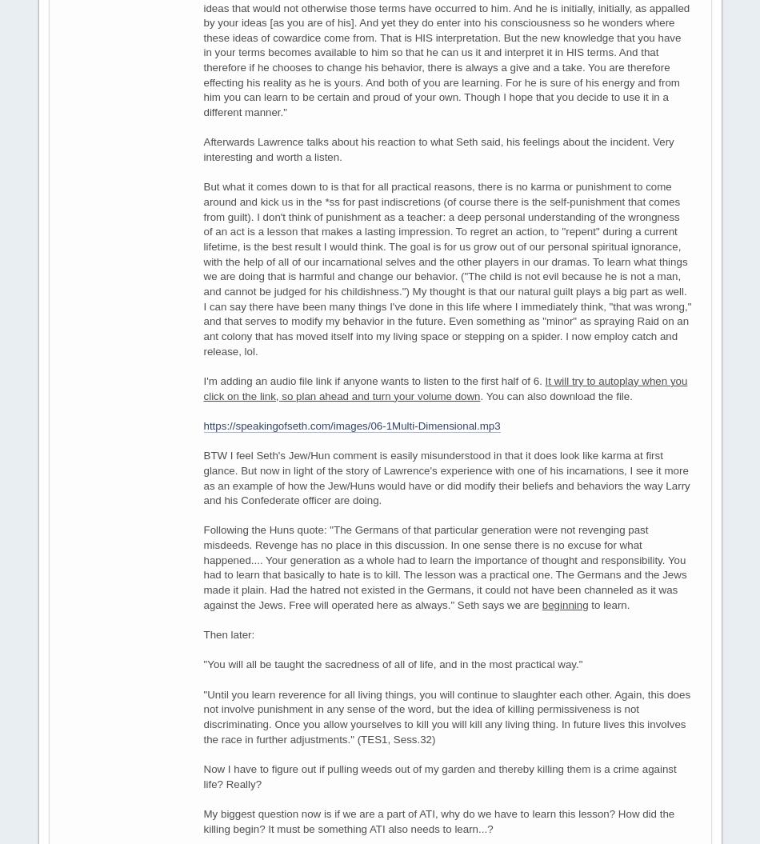  What do you see at coordinates (438, 819) in the screenshot?
I see `'My biggest question now is if we are a part of ATI, why do we have to learn this lesson? How did the killing begin? It must be something ATI also needs to learn...?'` at bounding box center [438, 819].